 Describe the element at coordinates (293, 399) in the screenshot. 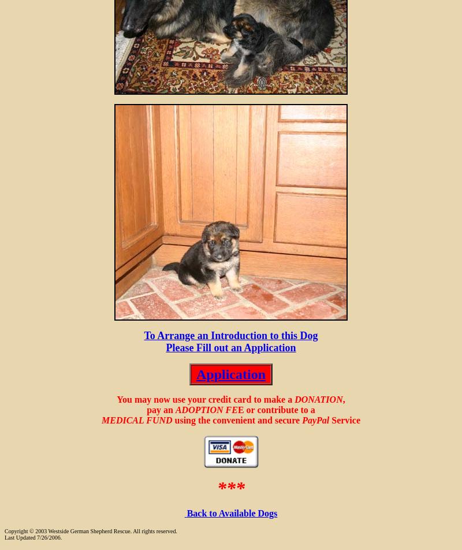

I see `'DONATION'` at that location.